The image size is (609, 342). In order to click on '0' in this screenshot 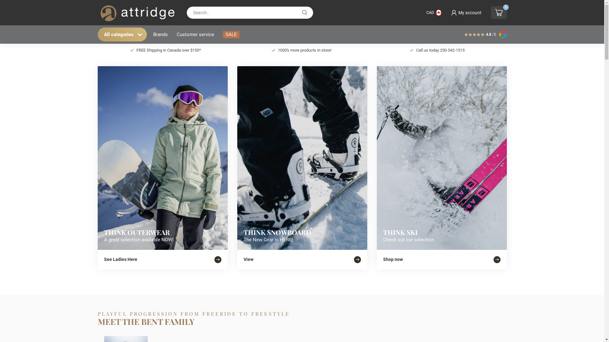, I will do `click(499, 12)`.